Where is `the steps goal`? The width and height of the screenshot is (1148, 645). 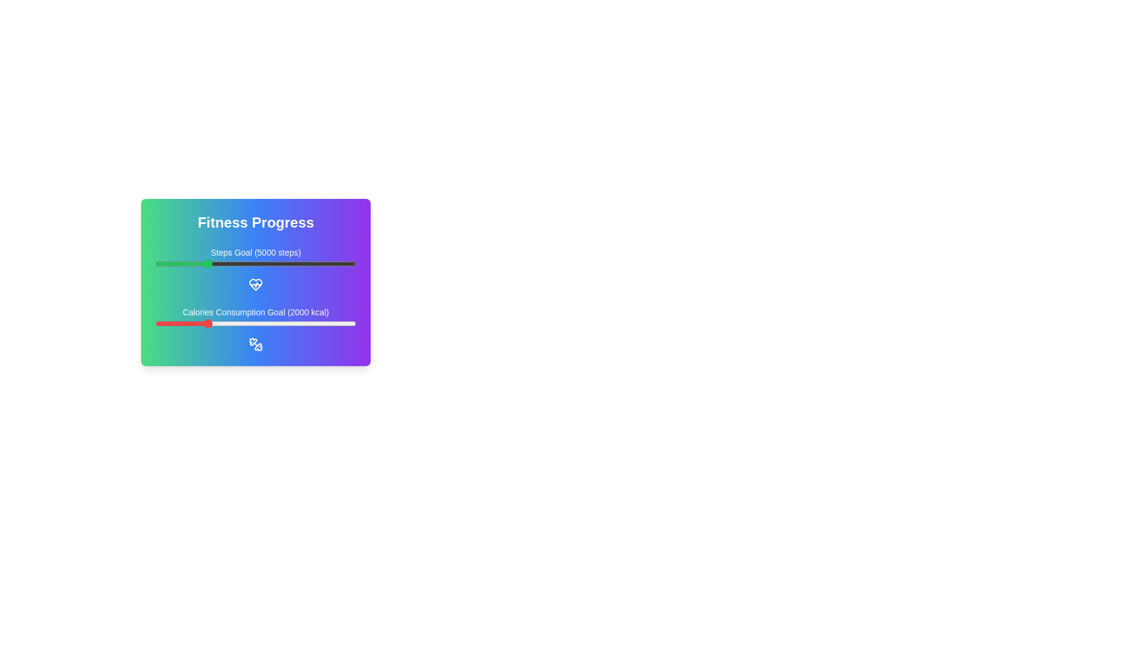
the steps goal is located at coordinates (316, 263).